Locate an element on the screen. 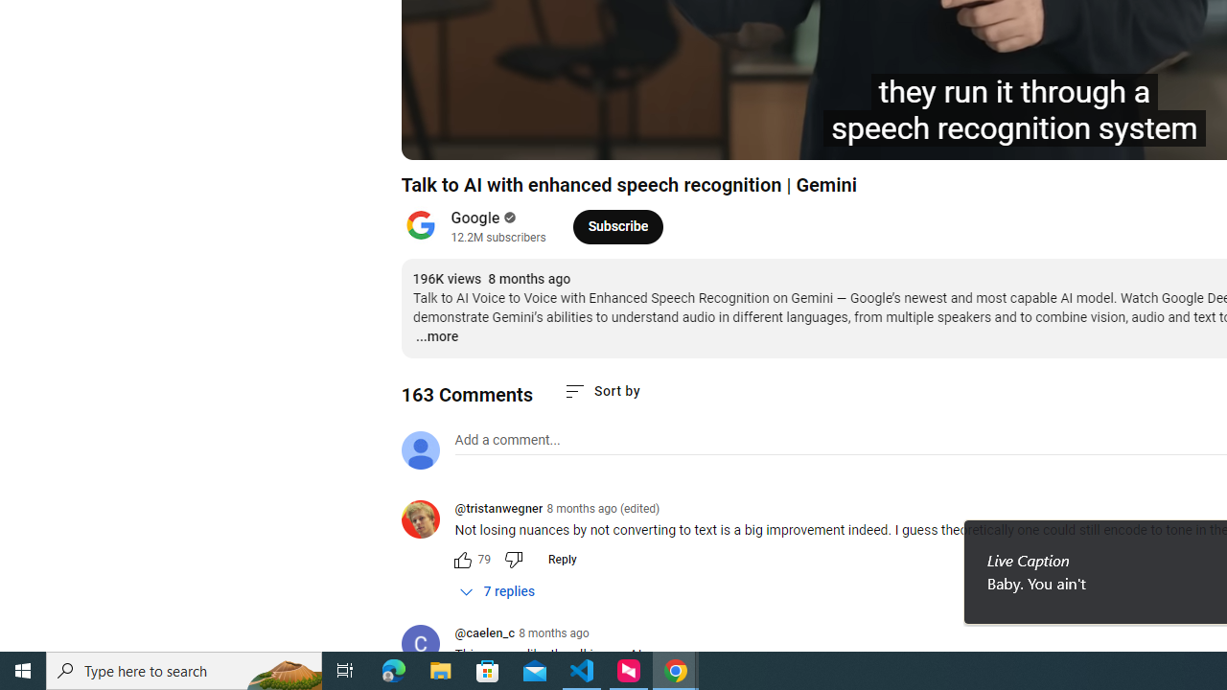  'Verified' is located at coordinates (508, 217).